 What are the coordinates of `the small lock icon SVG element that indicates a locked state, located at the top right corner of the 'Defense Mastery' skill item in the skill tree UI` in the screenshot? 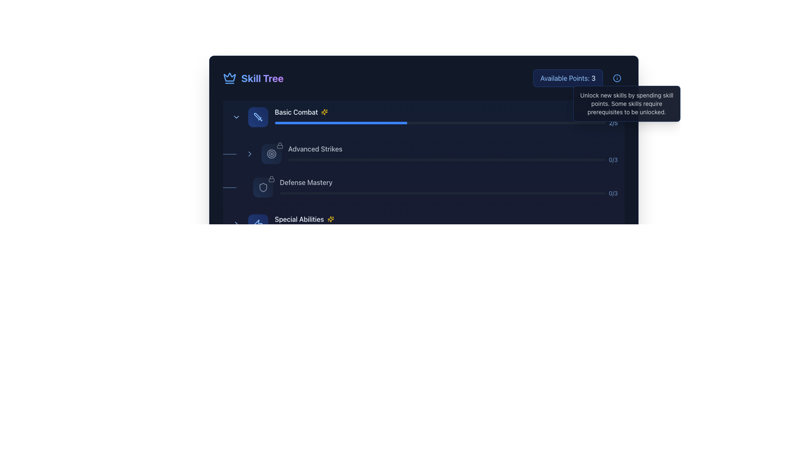 It's located at (271, 179).